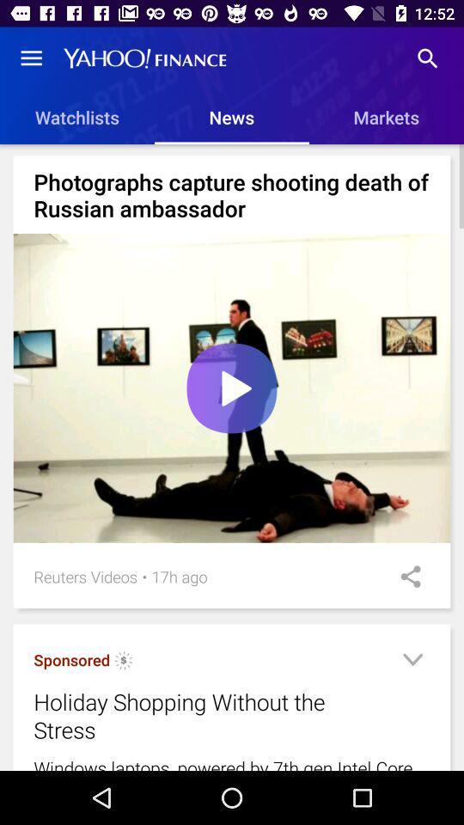 The width and height of the screenshot is (464, 825). Describe the element at coordinates (84, 577) in the screenshot. I see `reuters videos icon` at that location.